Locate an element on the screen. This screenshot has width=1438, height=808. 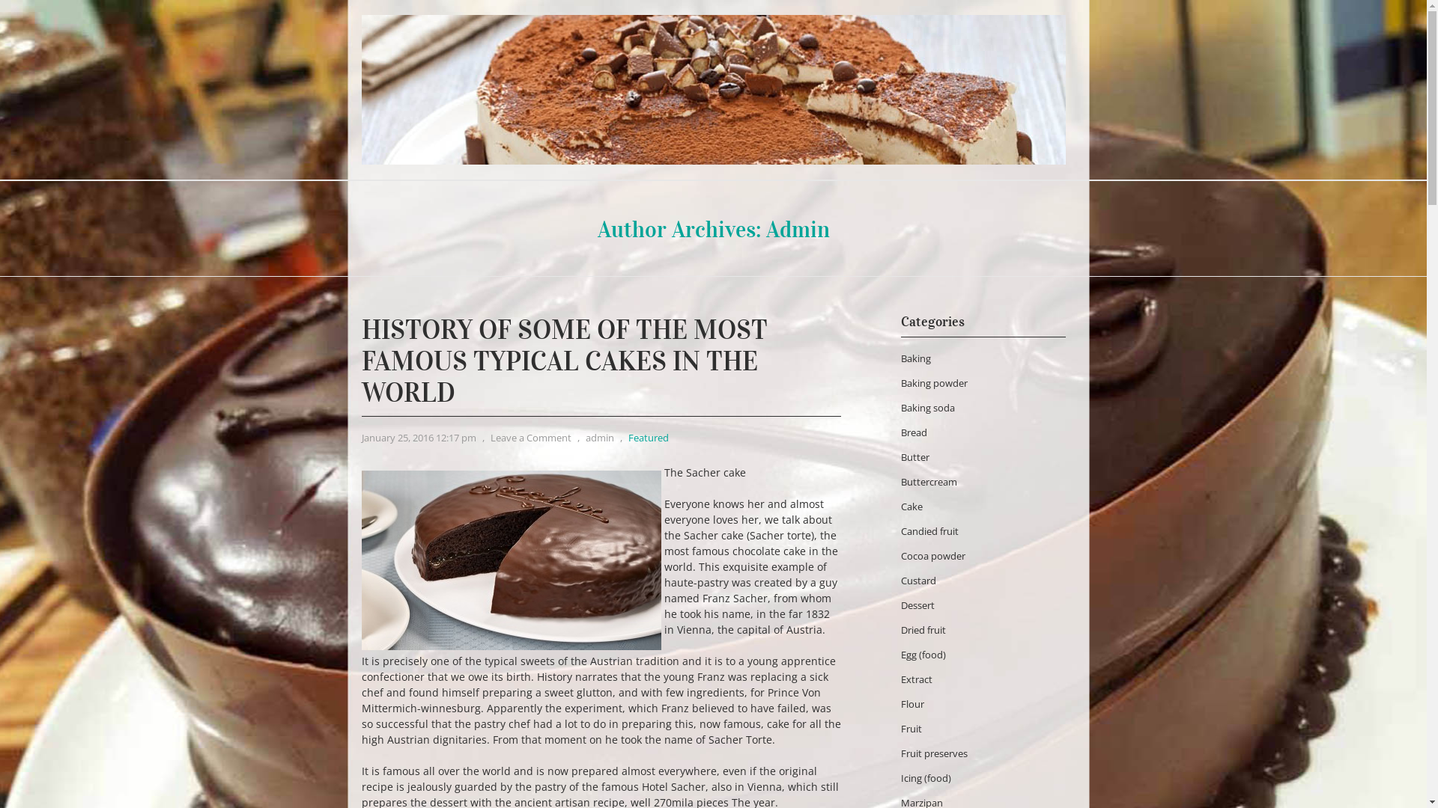
'Dessert' is located at coordinates (899, 605).